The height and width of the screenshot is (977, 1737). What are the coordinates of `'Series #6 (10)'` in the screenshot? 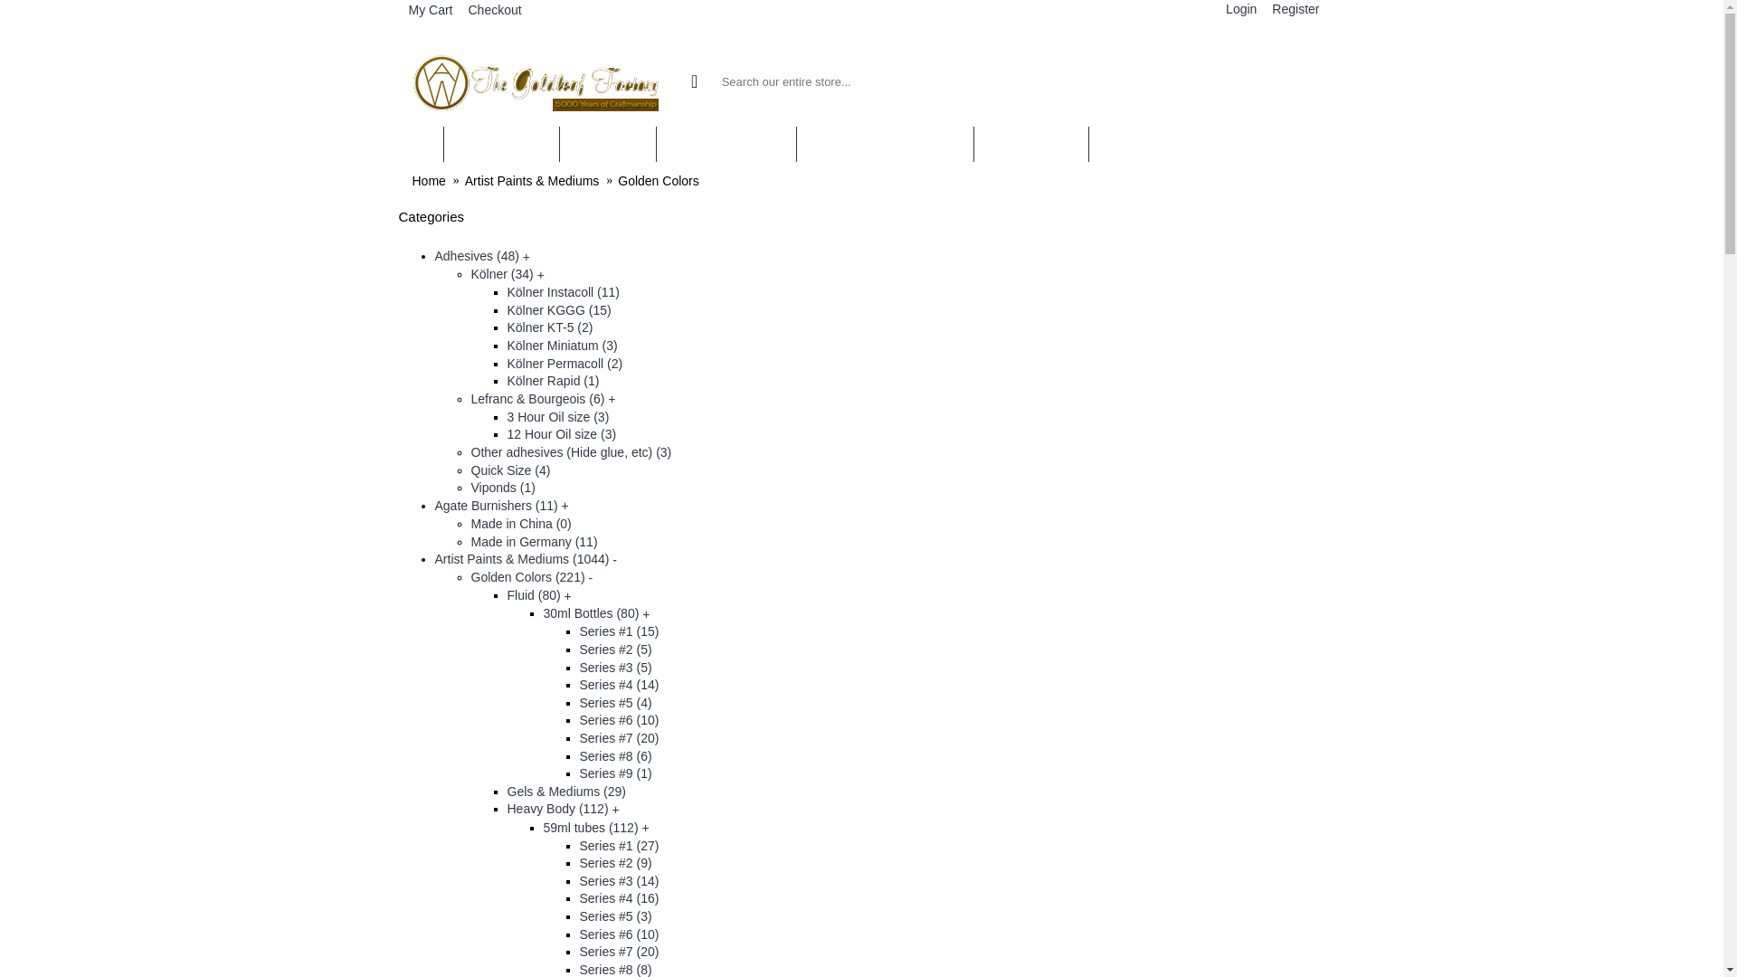 It's located at (618, 718).